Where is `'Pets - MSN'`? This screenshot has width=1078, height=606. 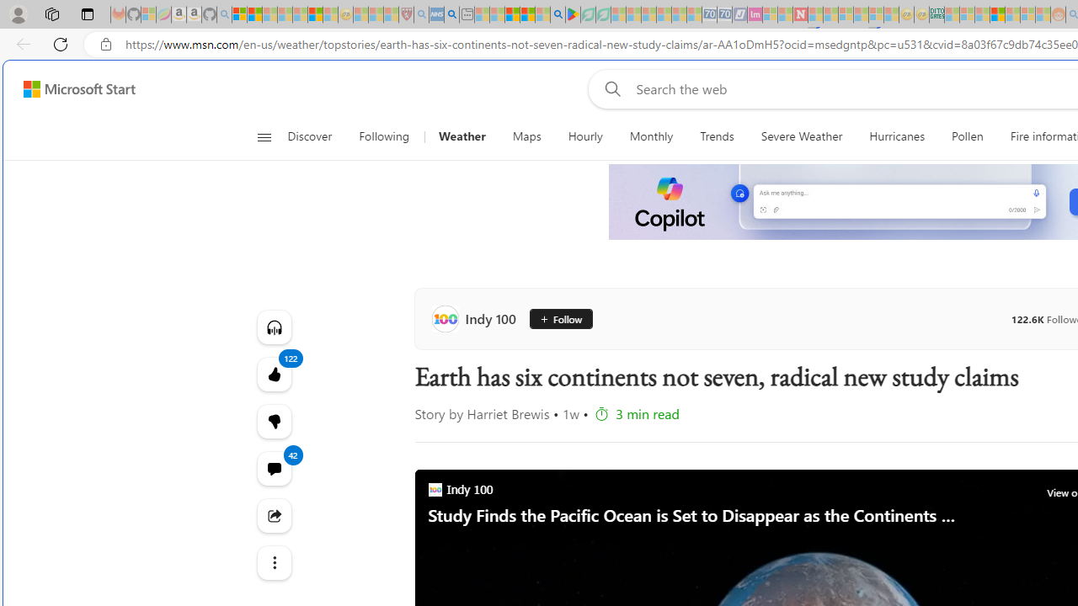
'Pets - MSN' is located at coordinates (526, 14).